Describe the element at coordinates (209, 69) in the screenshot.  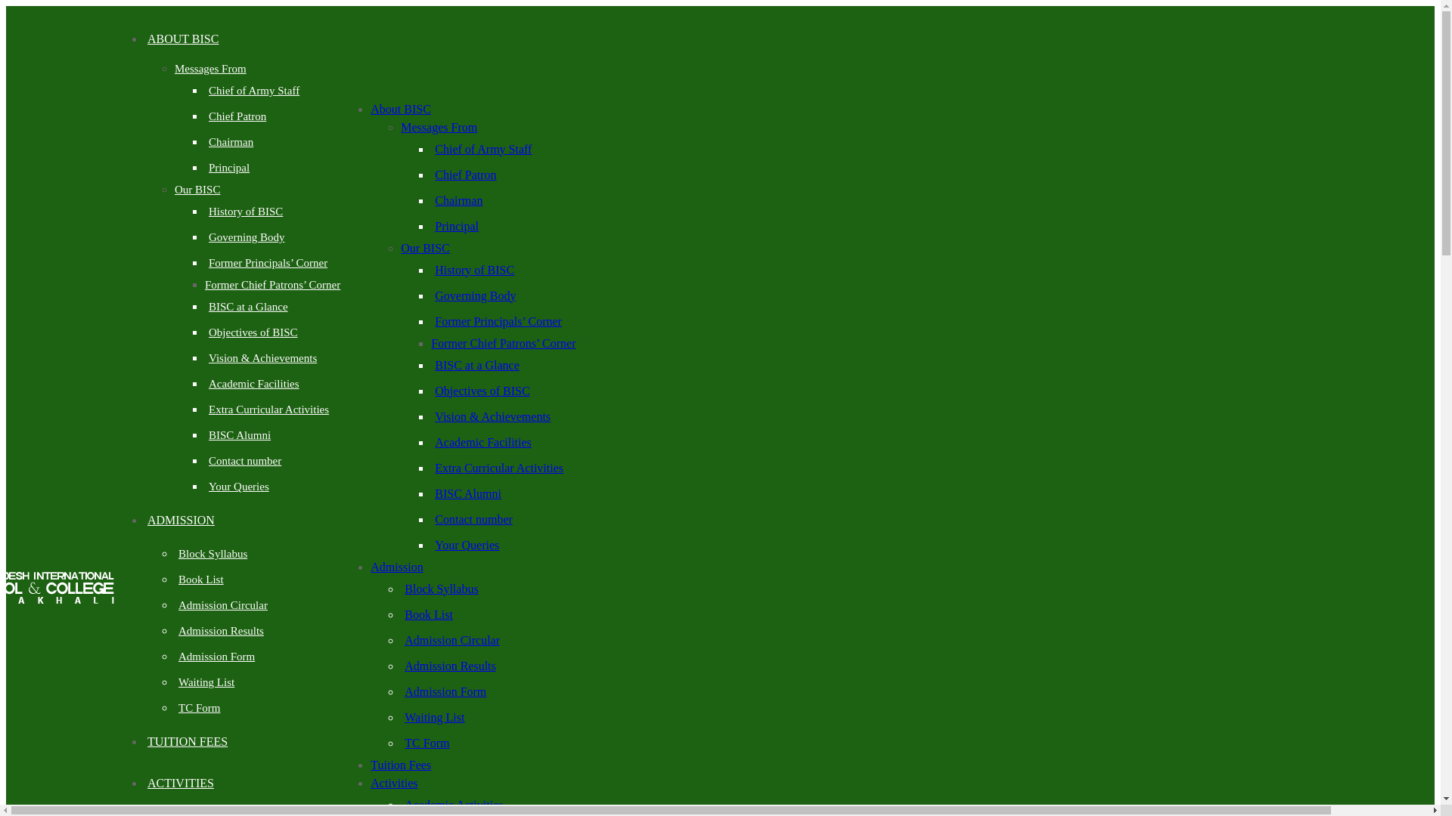
I see `'Messages From'` at that location.